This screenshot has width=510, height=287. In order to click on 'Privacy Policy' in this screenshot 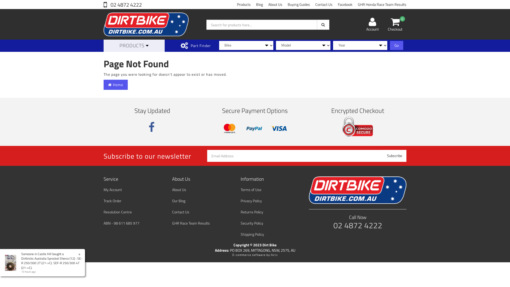, I will do `click(270, 201)`.